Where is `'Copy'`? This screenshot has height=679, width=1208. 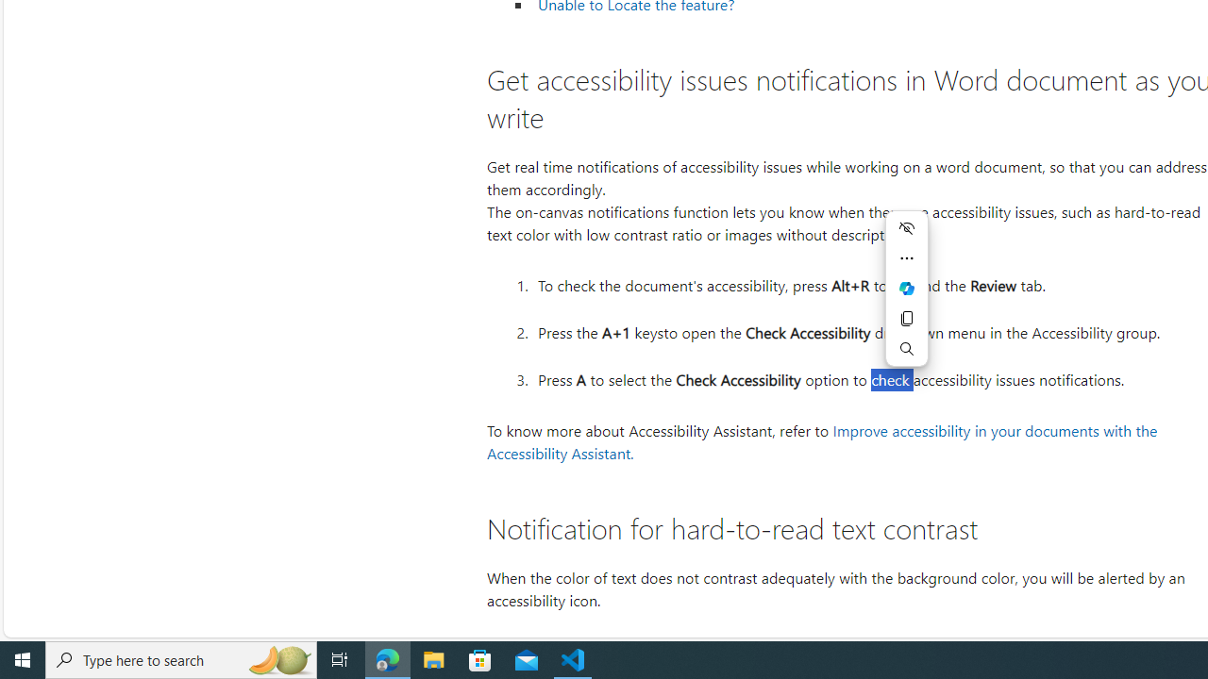 'Copy' is located at coordinates (907, 318).